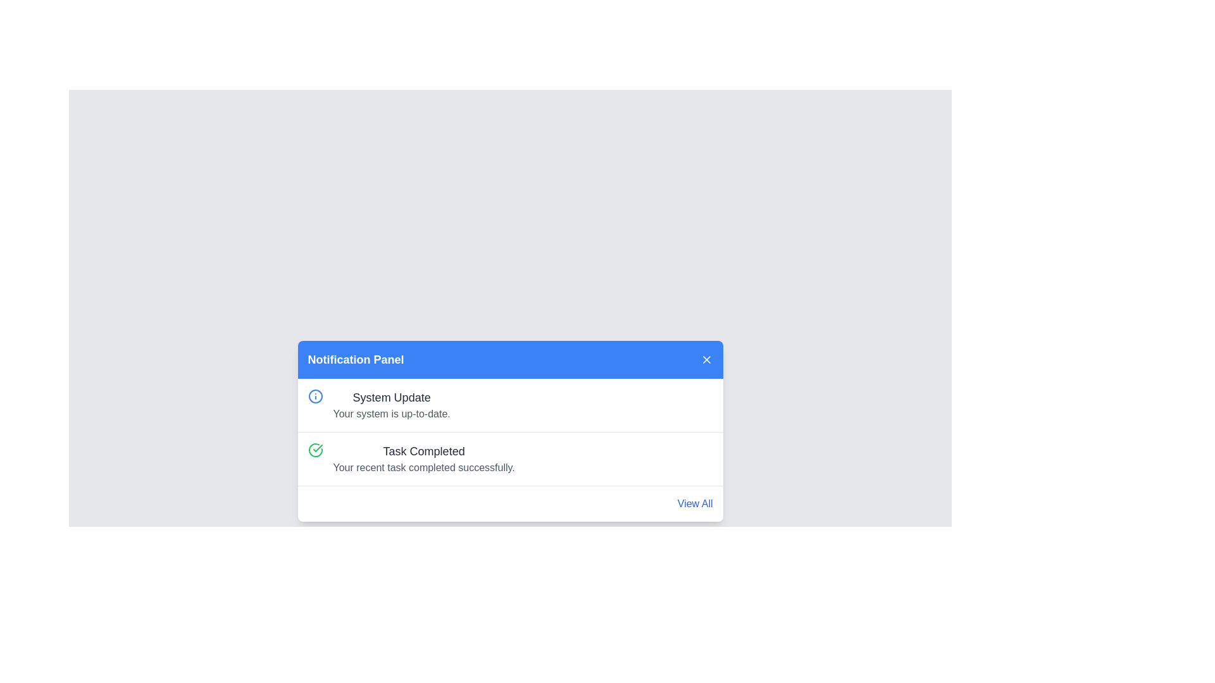  Describe the element at coordinates (510, 405) in the screenshot. I see `the notification titled 'System Update' which displays the message 'Your system is up-to-date.'` at that location.